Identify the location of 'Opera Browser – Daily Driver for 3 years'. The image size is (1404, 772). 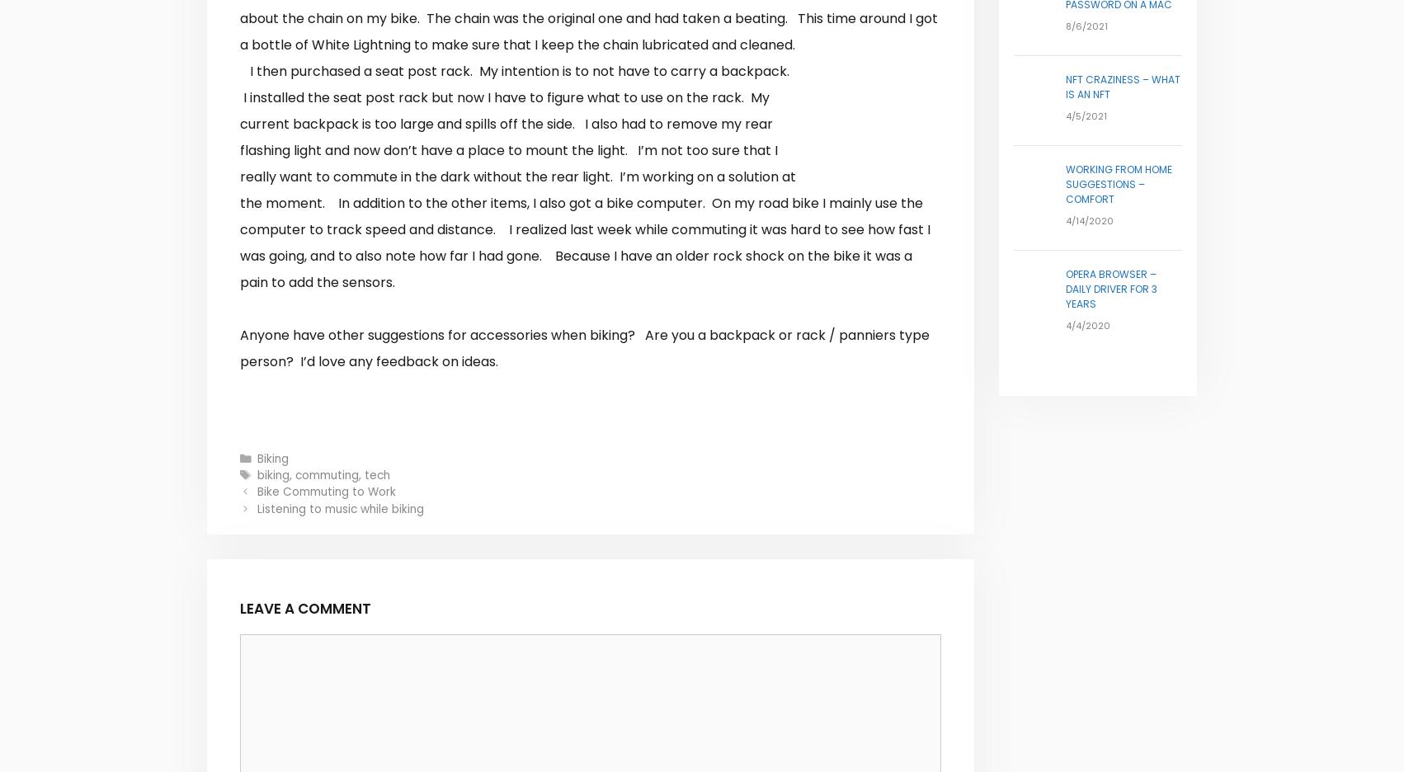
(1110, 287).